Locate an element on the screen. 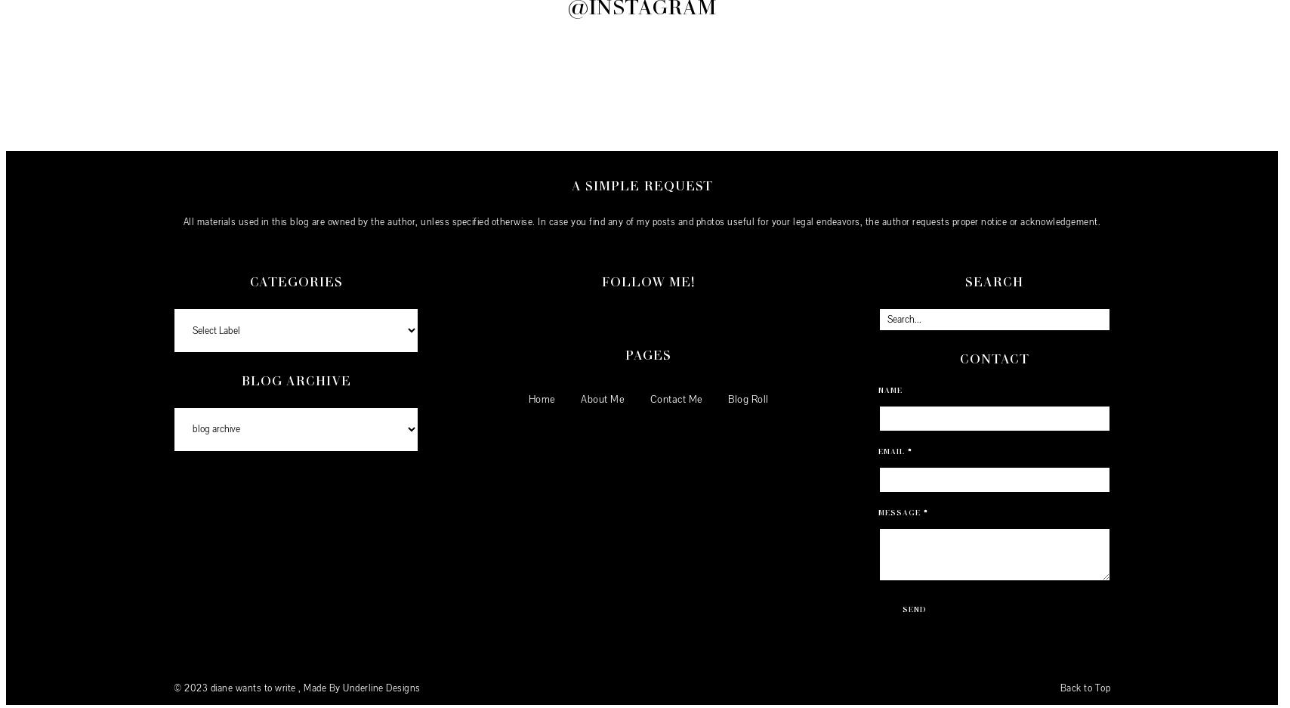  'Search' is located at coordinates (994, 280).